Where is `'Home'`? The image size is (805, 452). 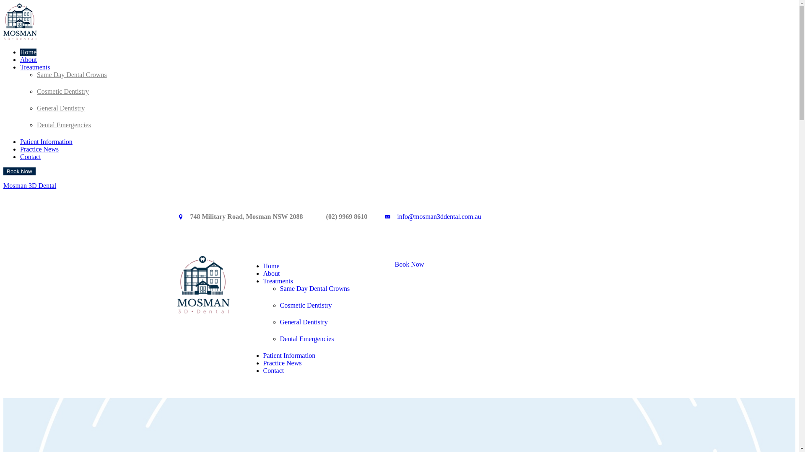
'Home' is located at coordinates (28, 52).